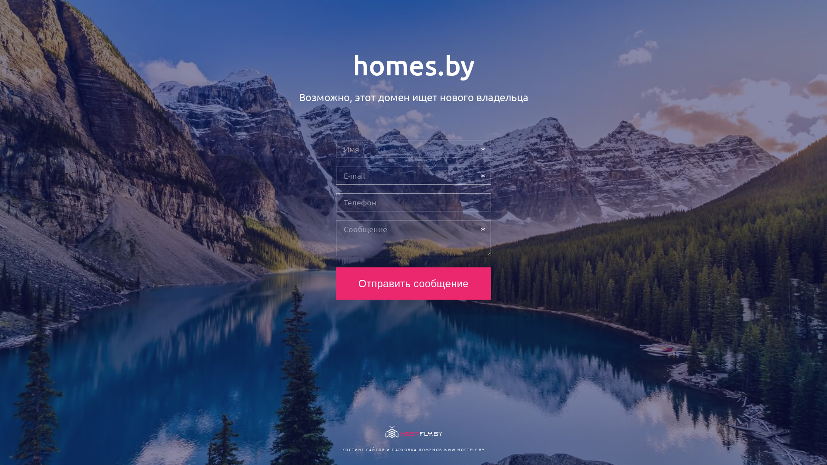 The image size is (827, 465). Describe the element at coordinates (463, 449) in the screenshot. I see `'WWW.HOSTFLY.BY'` at that location.